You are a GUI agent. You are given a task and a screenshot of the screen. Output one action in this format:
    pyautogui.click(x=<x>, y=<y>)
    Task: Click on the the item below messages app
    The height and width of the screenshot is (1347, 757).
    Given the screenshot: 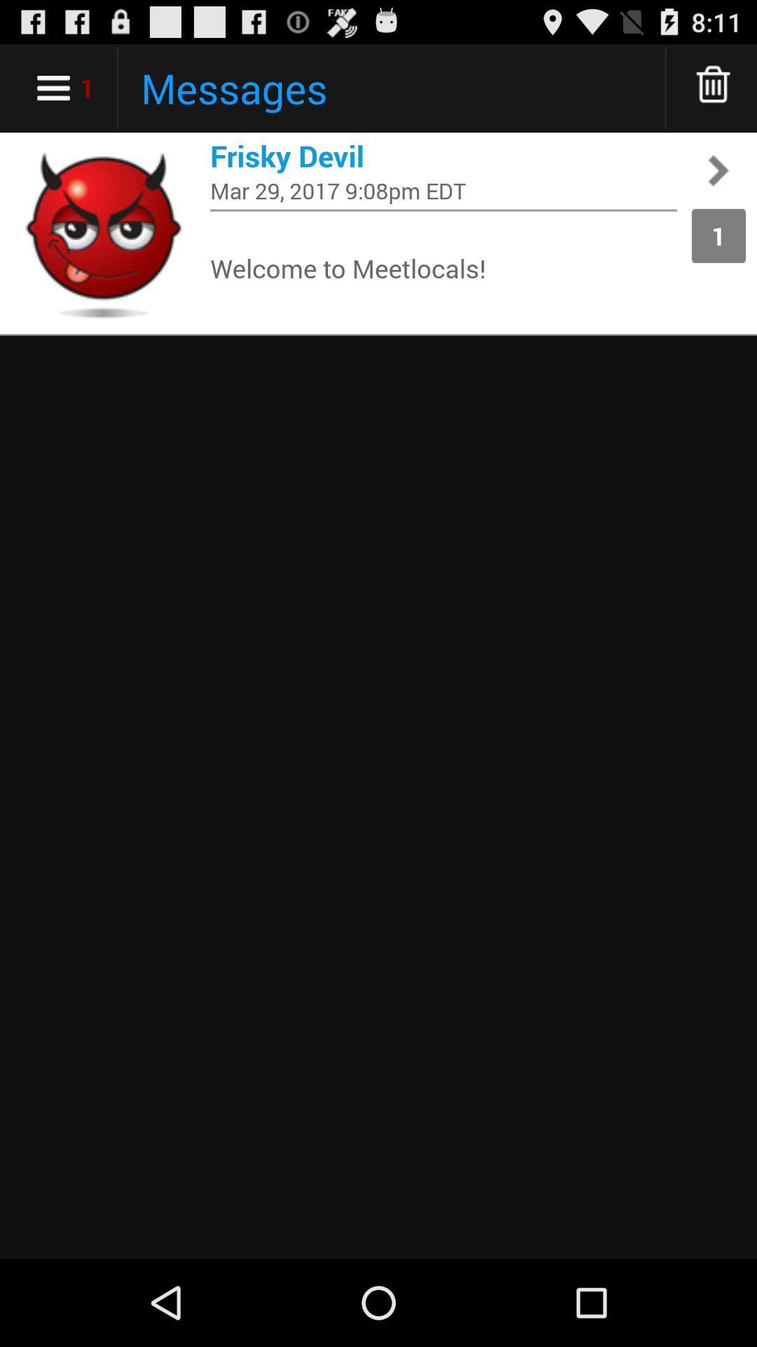 What is the action you would take?
    pyautogui.click(x=443, y=156)
    